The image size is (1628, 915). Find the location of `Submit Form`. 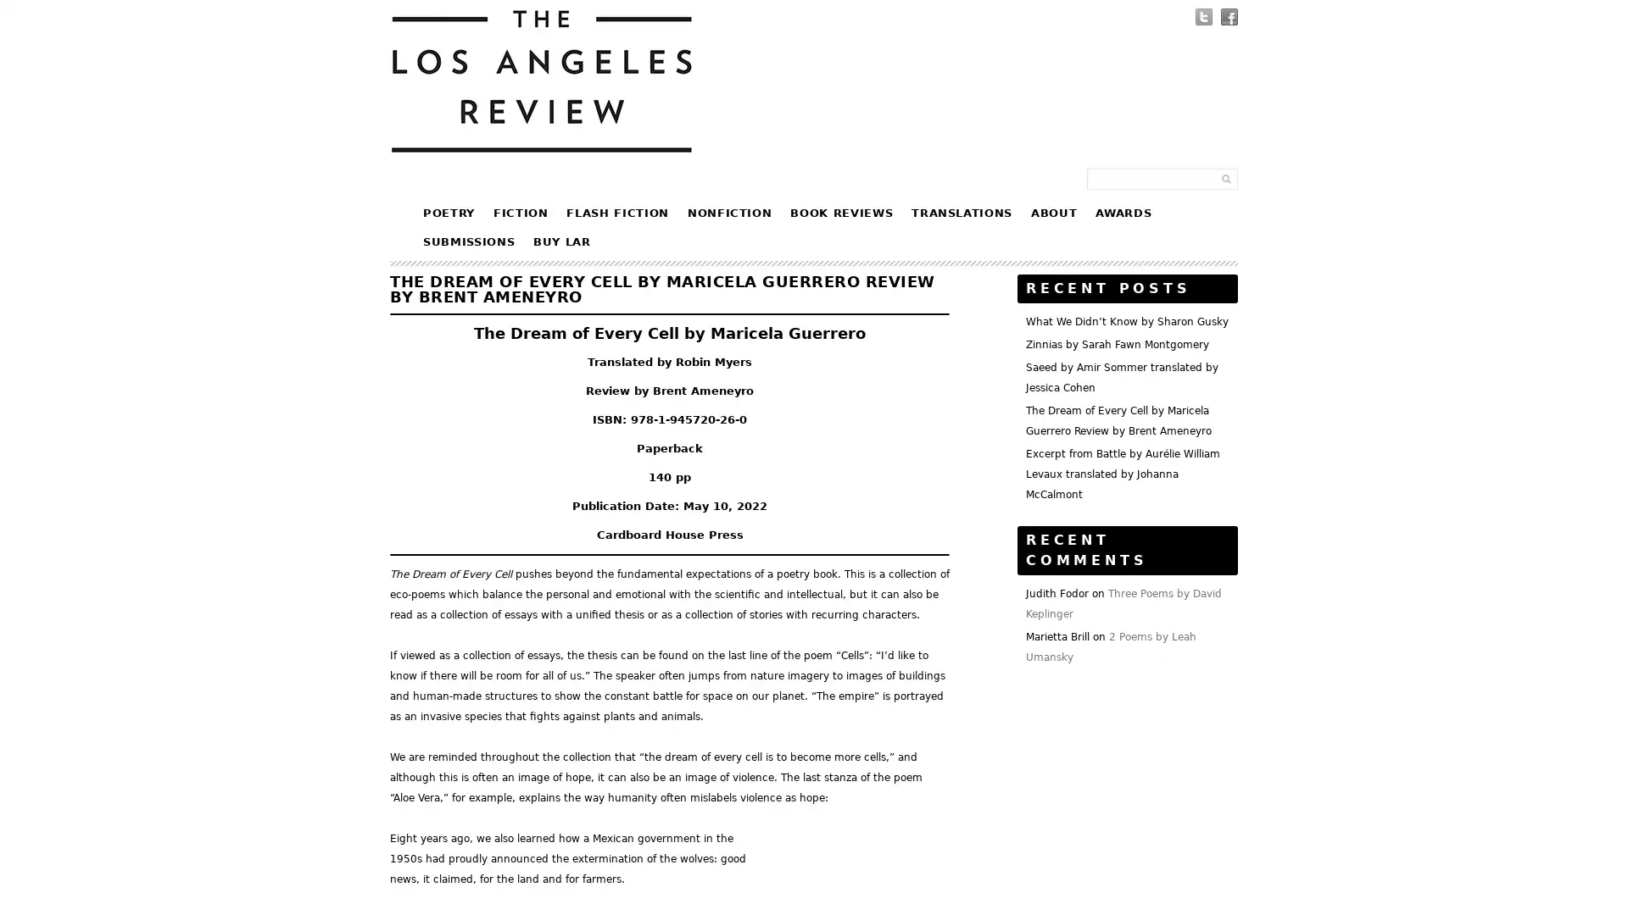

Submit Form is located at coordinates (1226, 179).